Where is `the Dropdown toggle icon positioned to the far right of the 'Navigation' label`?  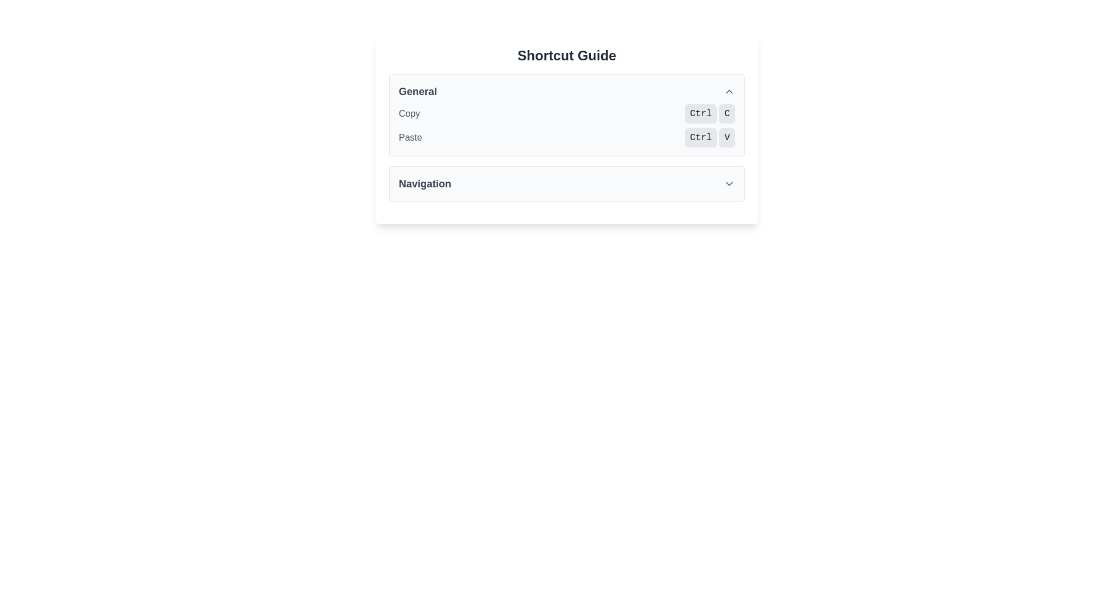 the Dropdown toggle icon positioned to the far right of the 'Navigation' label is located at coordinates (729, 183).